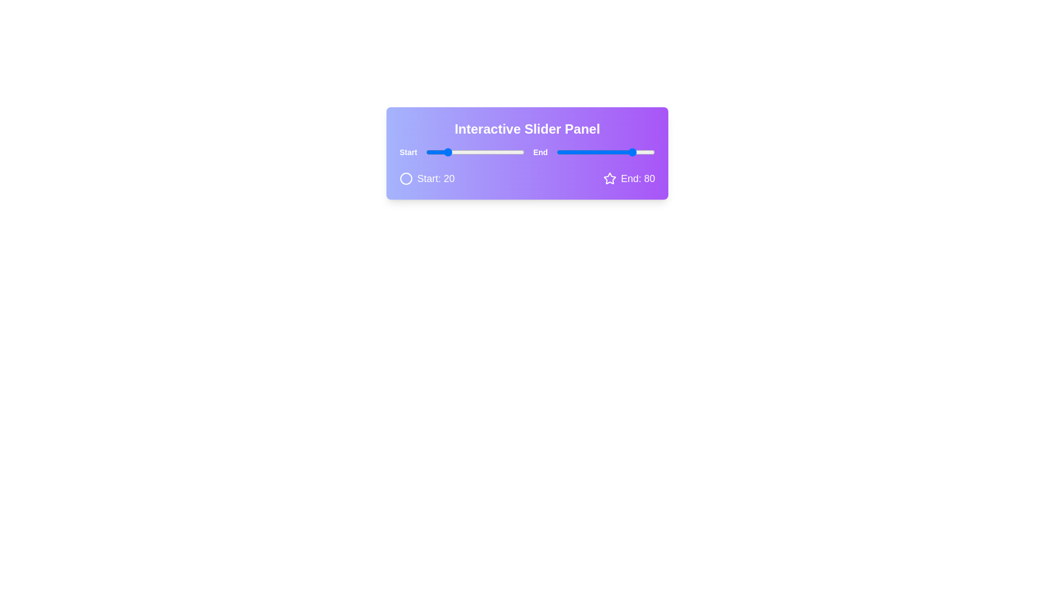  Describe the element at coordinates (445, 152) in the screenshot. I see `slider value` at that location.